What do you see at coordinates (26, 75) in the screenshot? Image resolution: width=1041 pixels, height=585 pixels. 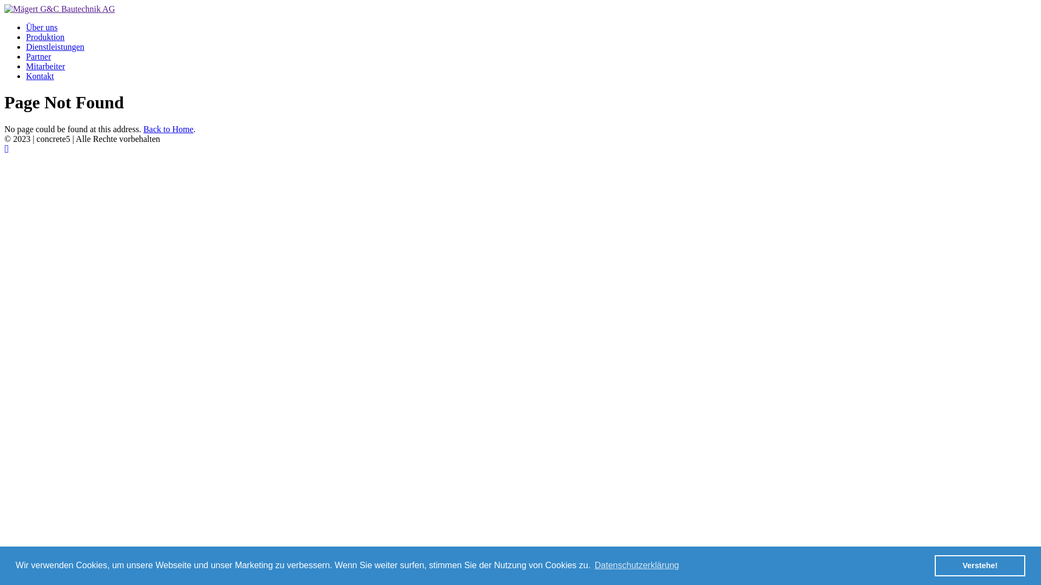 I see `'Kontakt'` at bounding box center [26, 75].